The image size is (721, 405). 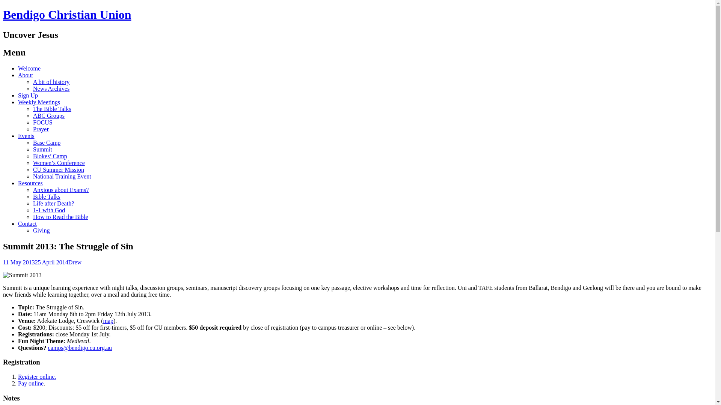 I want to click on 'Welcome', so click(x=18, y=68).